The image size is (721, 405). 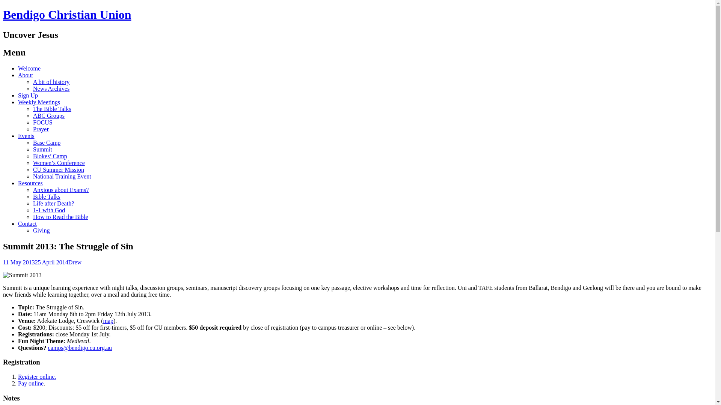 I want to click on 'Welcome', so click(x=18, y=68).